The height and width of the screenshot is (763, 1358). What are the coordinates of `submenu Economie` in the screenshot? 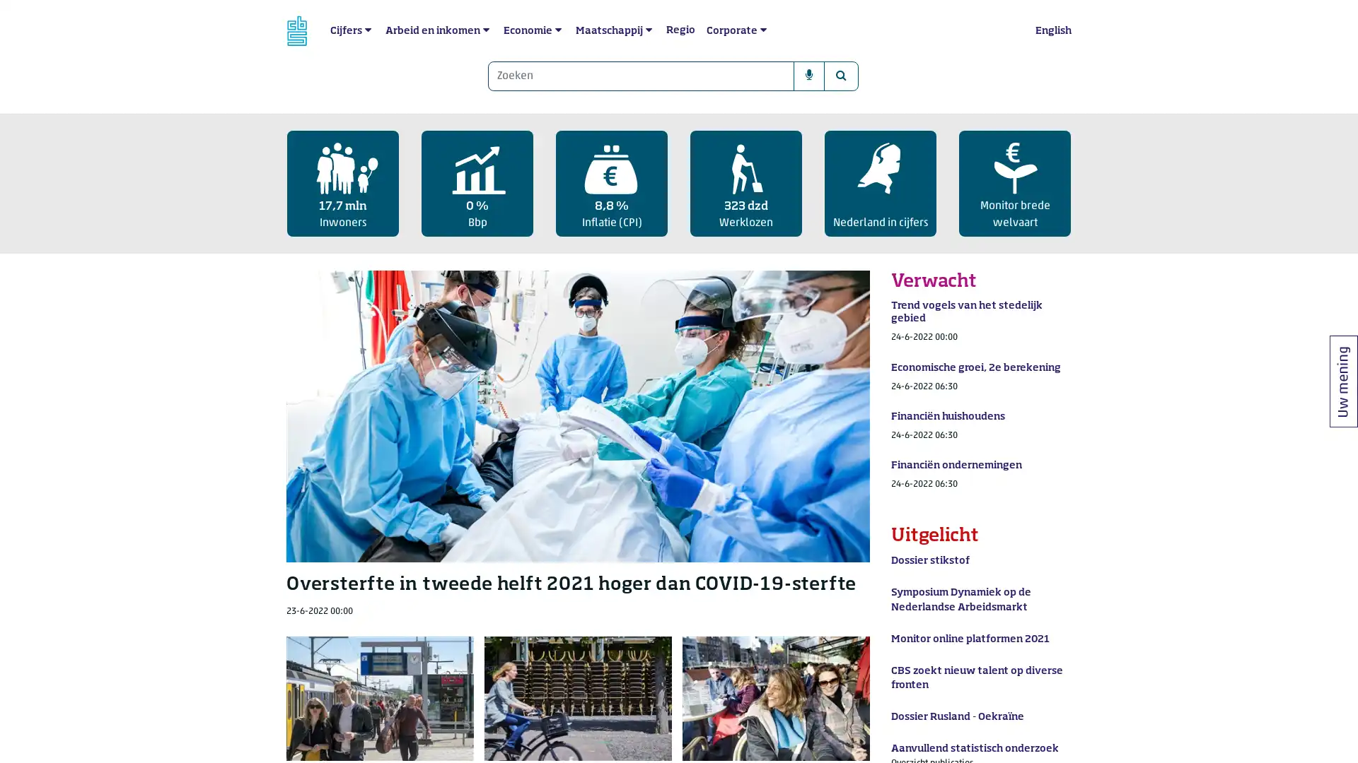 It's located at (557, 30).